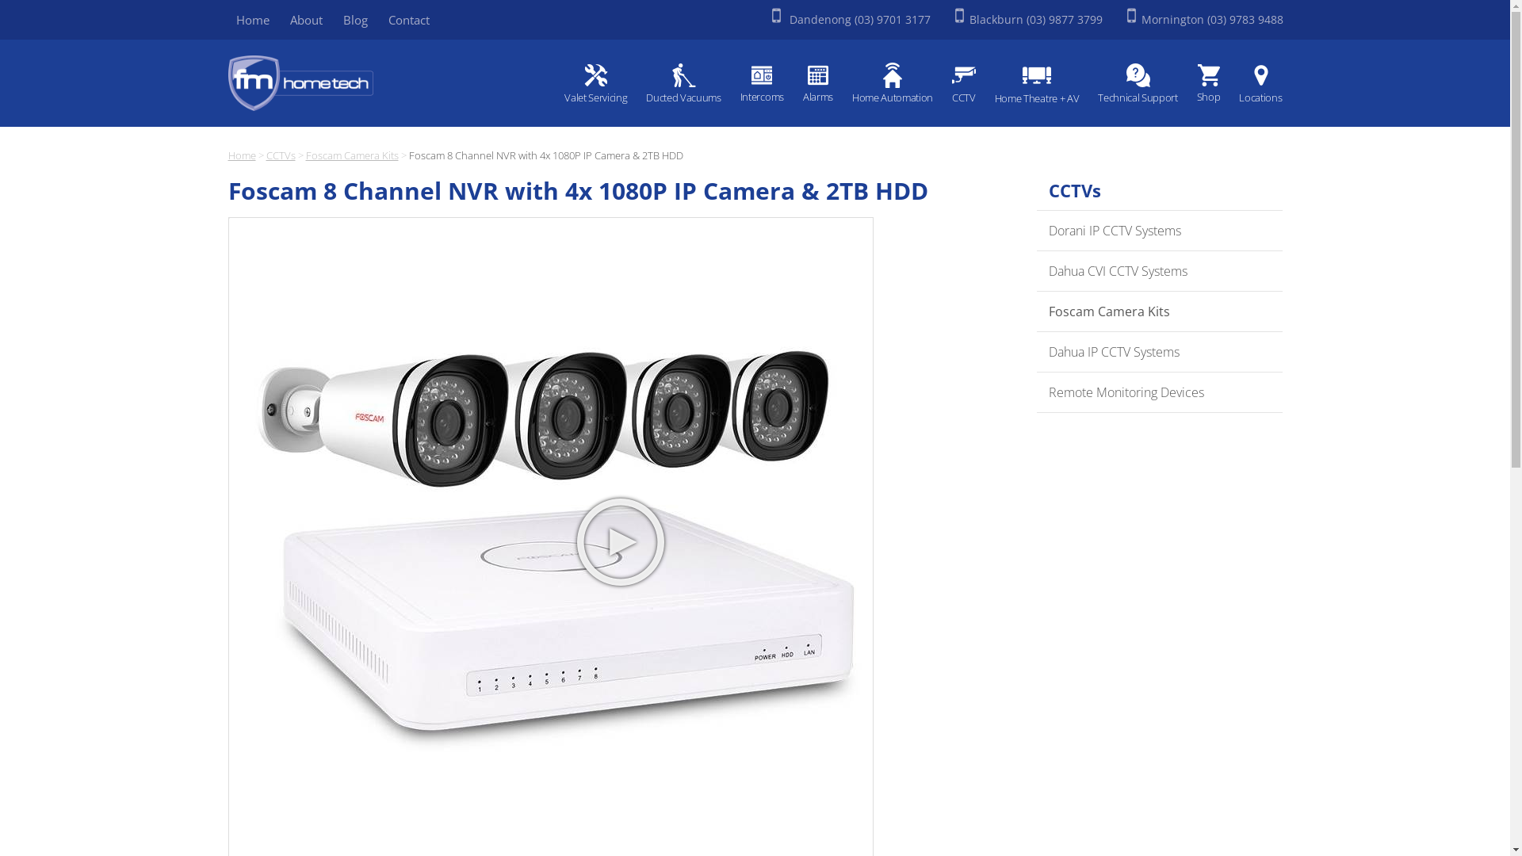  I want to click on 'Home Automation', so click(893, 85).